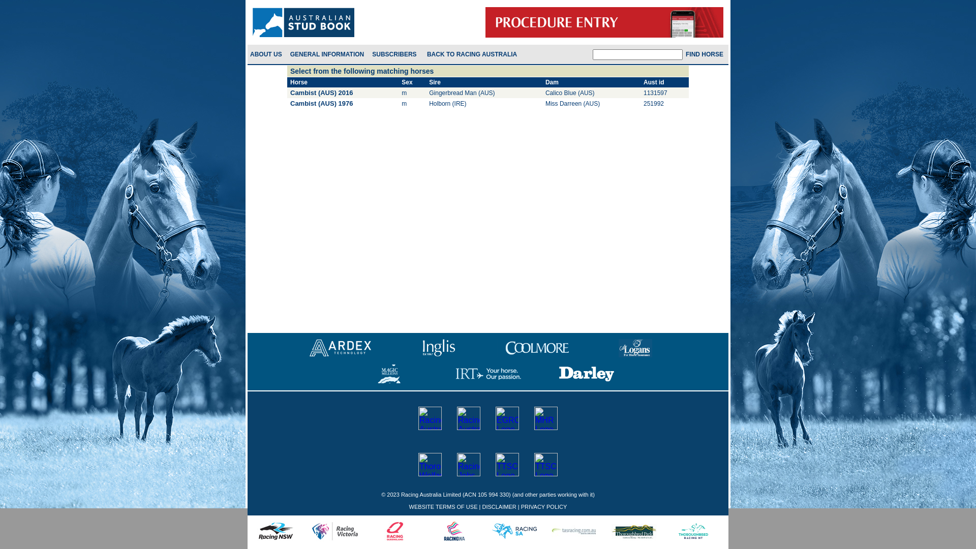  What do you see at coordinates (521, 506) in the screenshot?
I see `'PRIVACY POLICY'` at bounding box center [521, 506].